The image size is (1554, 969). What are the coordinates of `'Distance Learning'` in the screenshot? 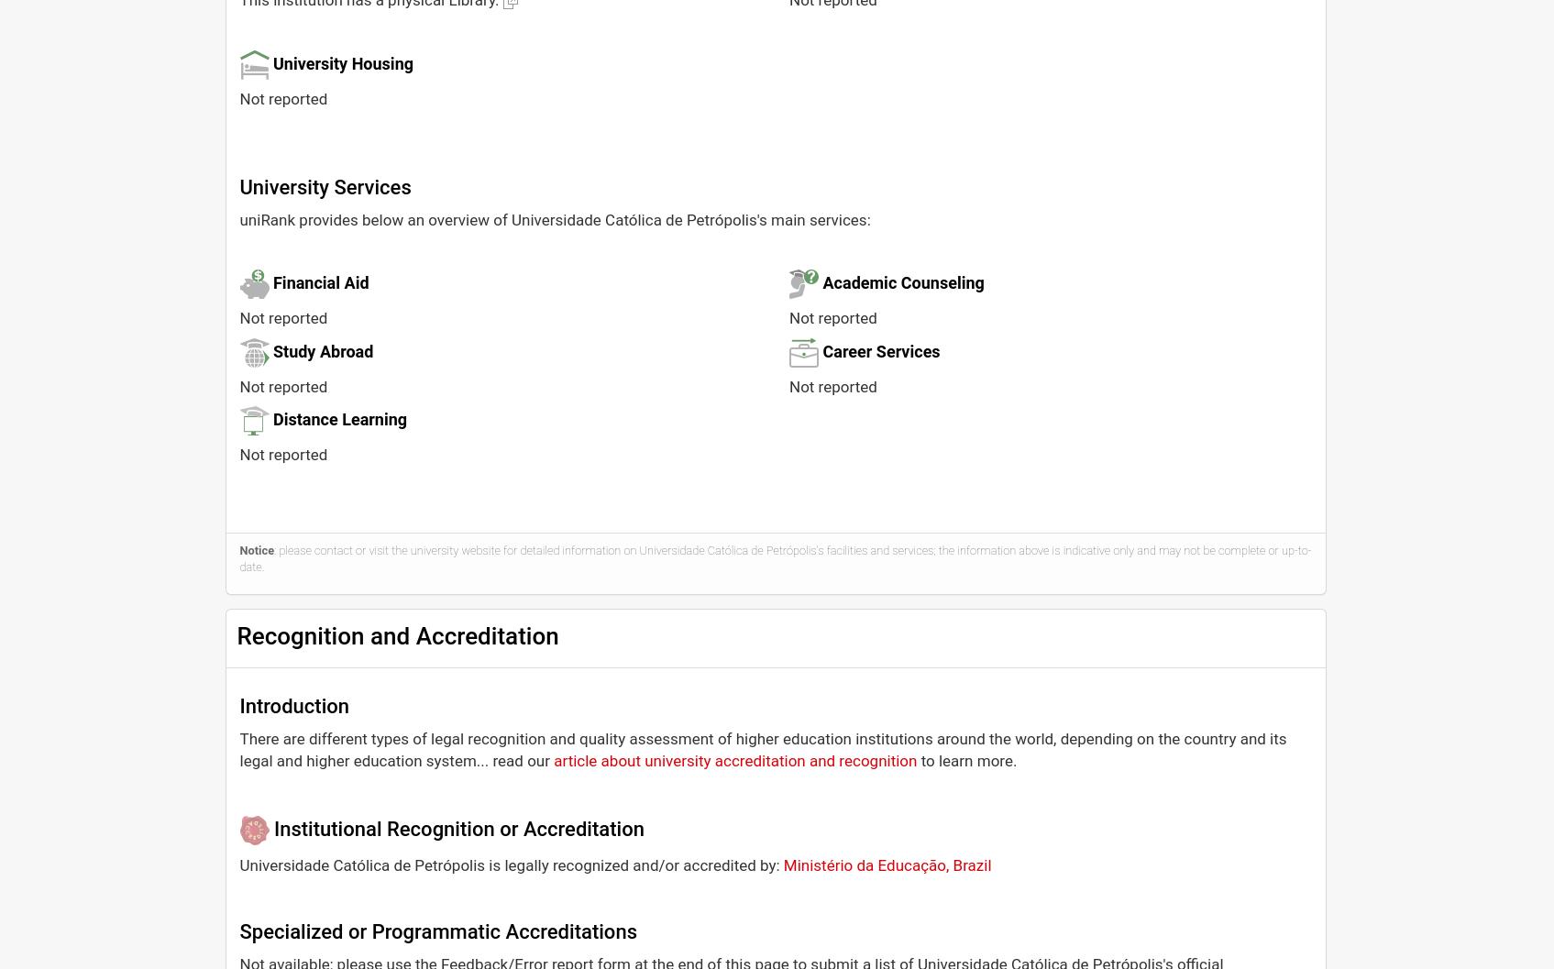 It's located at (338, 418).